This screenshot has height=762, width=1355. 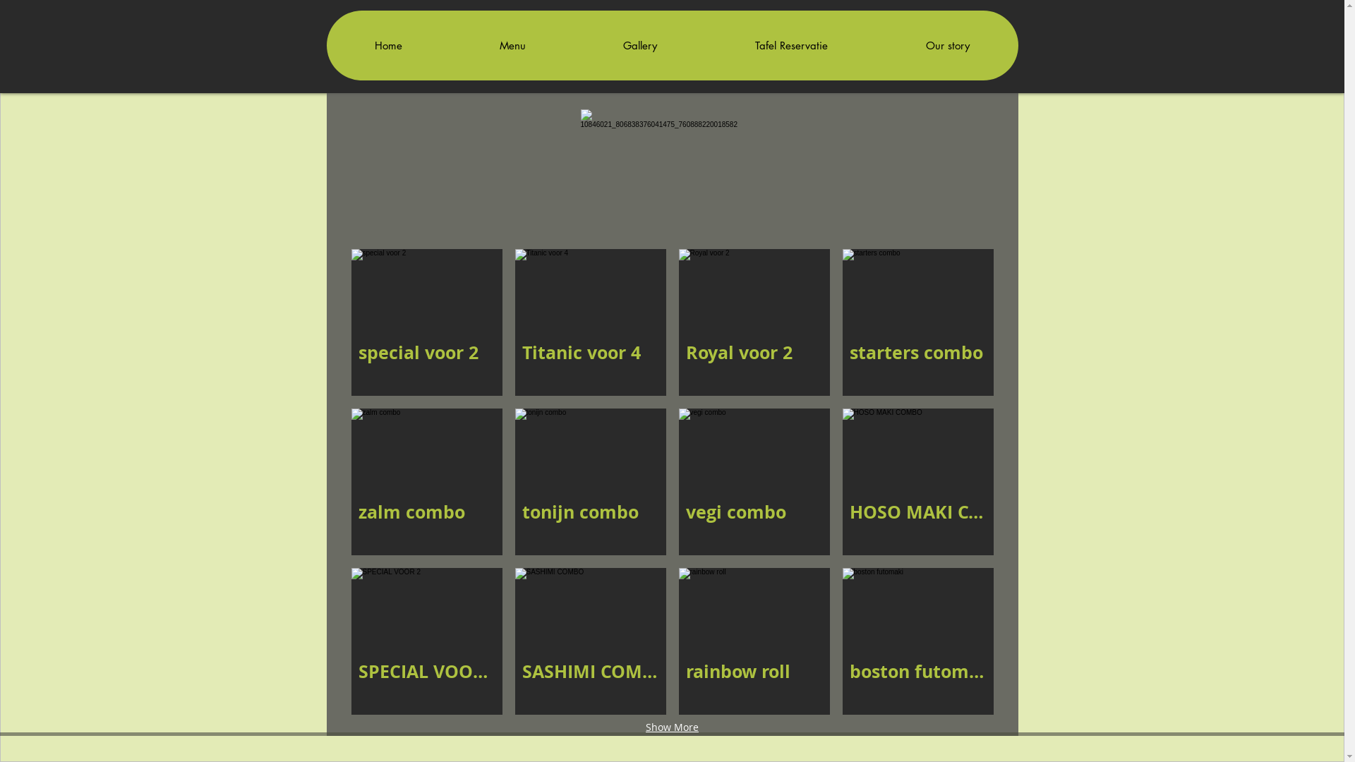 What do you see at coordinates (511, 44) in the screenshot?
I see `'Menu'` at bounding box center [511, 44].